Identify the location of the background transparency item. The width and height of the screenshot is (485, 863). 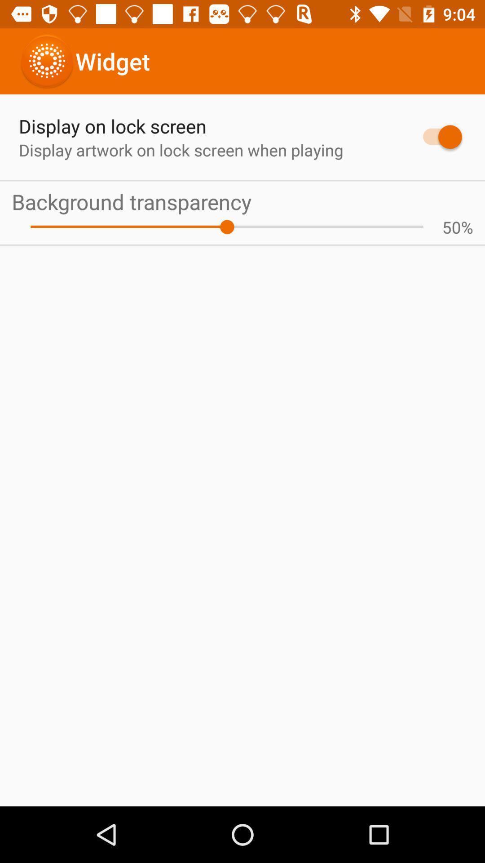
(242, 201).